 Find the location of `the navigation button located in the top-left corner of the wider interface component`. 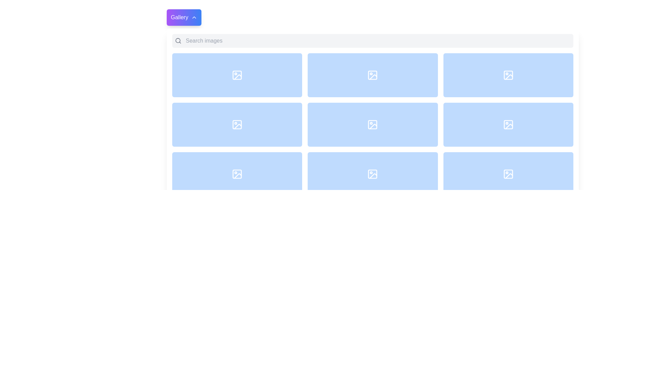

the navigation button located in the top-left corner of the wider interface component is located at coordinates (184, 17).